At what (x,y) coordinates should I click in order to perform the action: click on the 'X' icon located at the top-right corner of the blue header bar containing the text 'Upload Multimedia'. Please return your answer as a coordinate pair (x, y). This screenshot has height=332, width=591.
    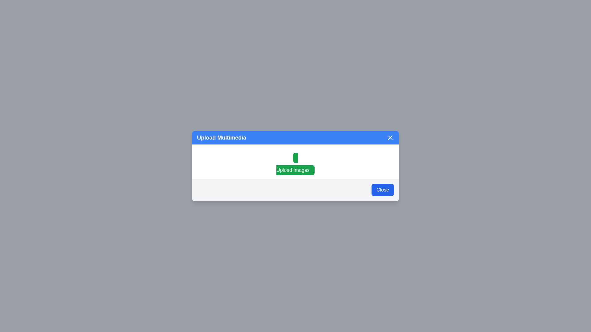
    Looking at the image, I should click on (390, 137).